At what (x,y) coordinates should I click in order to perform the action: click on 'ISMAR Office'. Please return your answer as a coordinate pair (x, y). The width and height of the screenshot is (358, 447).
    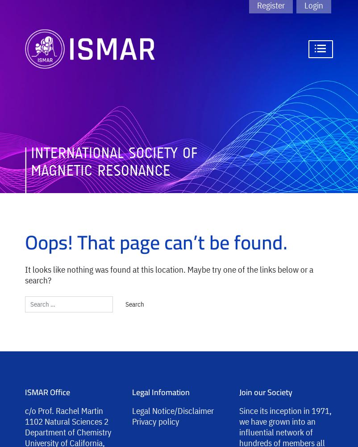
    Looking at the image, I should click on (47, 392).